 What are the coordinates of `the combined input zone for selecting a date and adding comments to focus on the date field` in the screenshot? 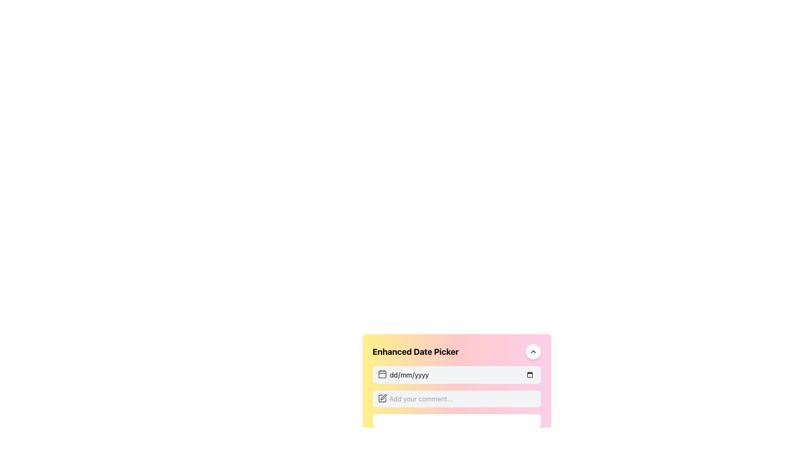 It's located at (456, 397).